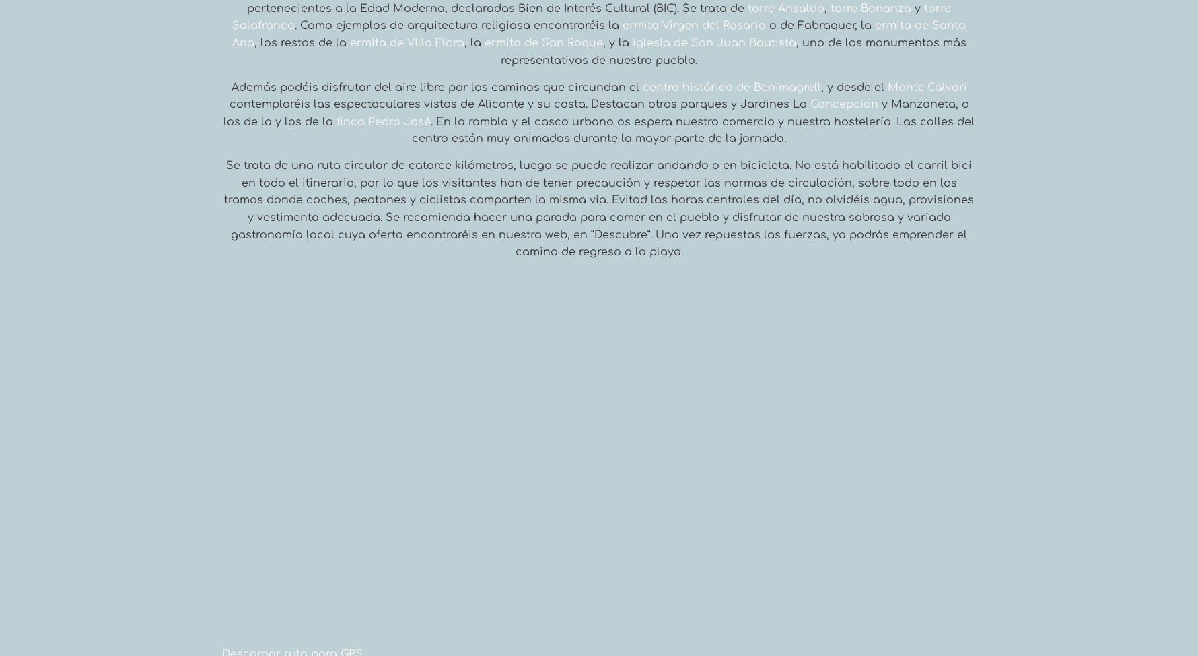 The height and width of the screenshot is (656, 1198). What do you see at coordinates (382, 121) in the screenshot?
I see `'finca Pedro José'` at bounding box center [382, 121].